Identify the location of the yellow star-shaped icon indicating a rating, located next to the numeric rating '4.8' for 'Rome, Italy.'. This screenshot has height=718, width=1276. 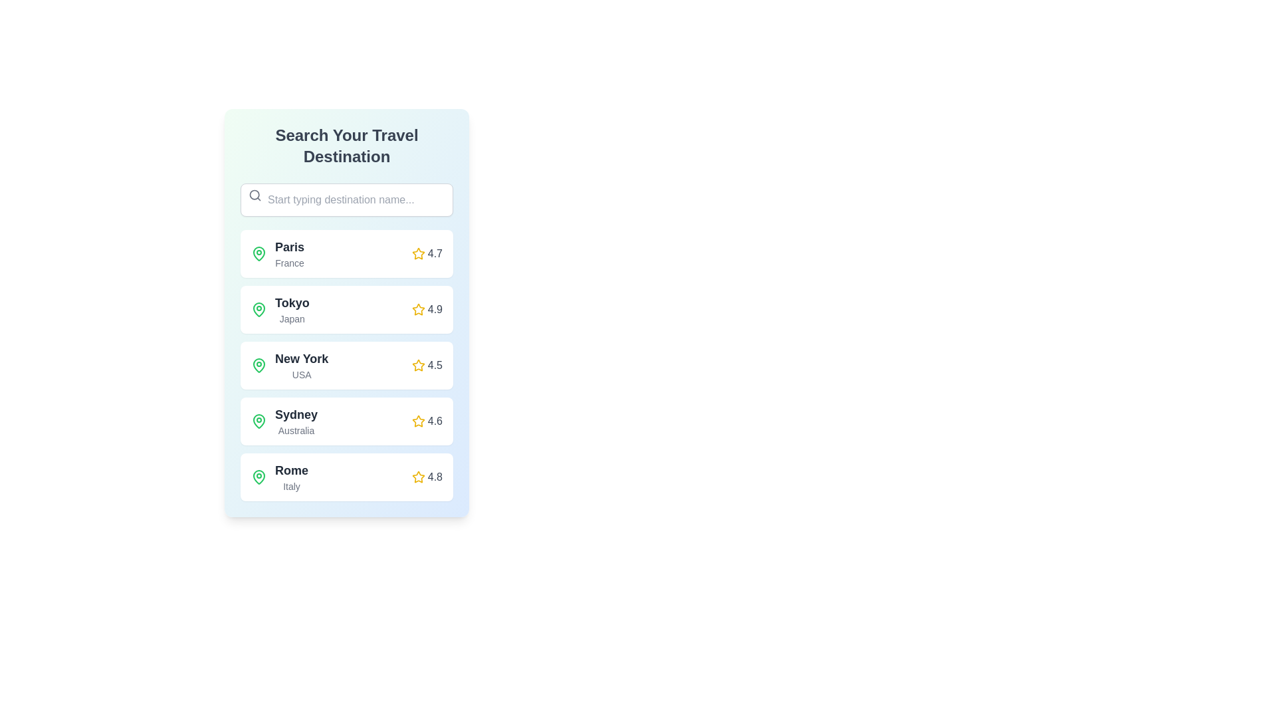
(417, 476).